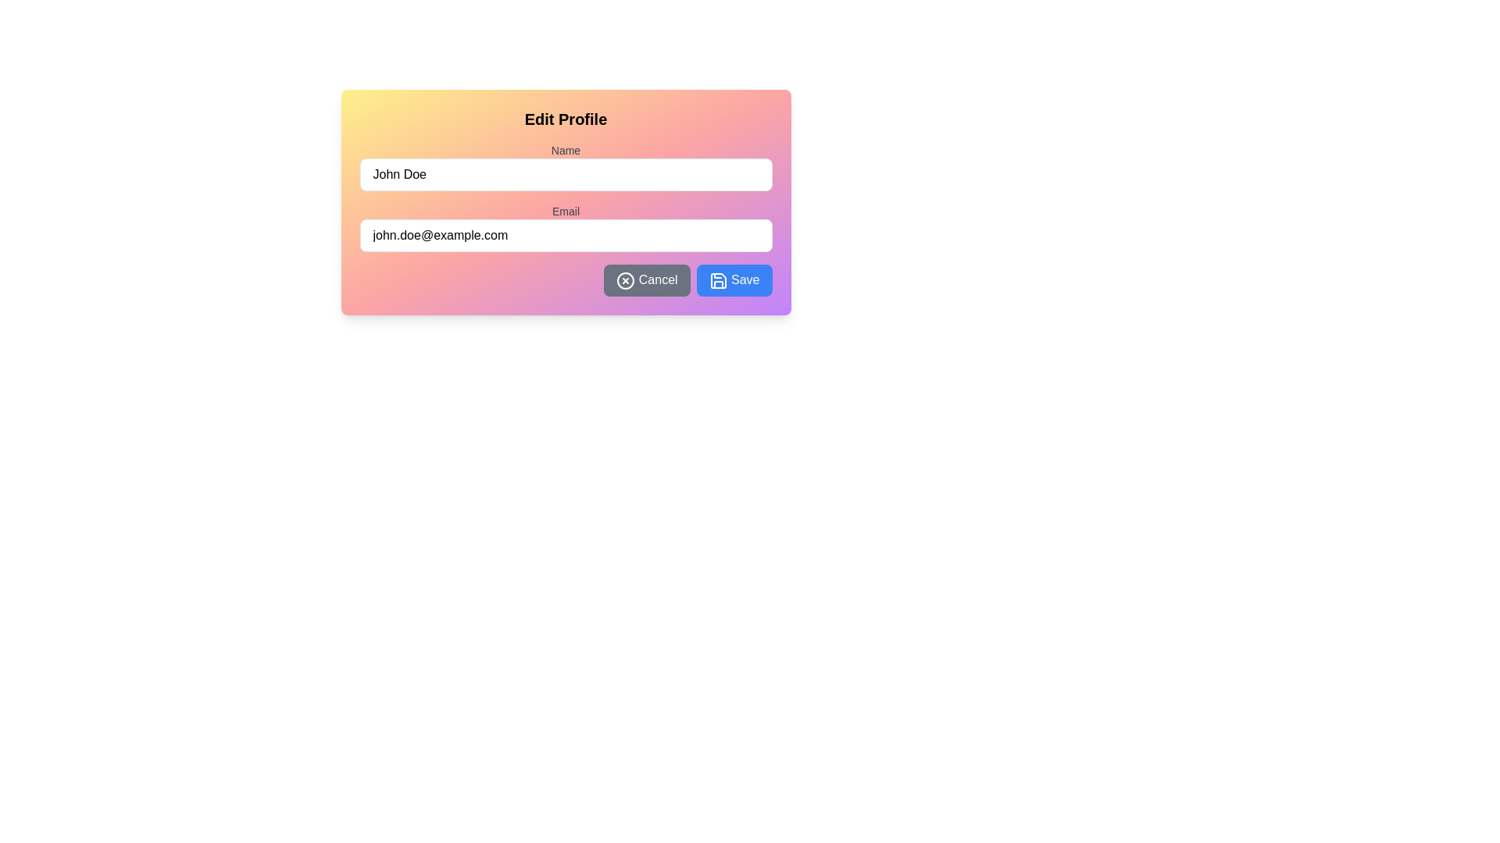 This screenshot has height=843, width=1500. I want to click on the Decorative Icon within the Cancel button at the bottom section of the Edit Profile dialog box, which features a cross symbol and is styled with a modern design, so click(626, 279).